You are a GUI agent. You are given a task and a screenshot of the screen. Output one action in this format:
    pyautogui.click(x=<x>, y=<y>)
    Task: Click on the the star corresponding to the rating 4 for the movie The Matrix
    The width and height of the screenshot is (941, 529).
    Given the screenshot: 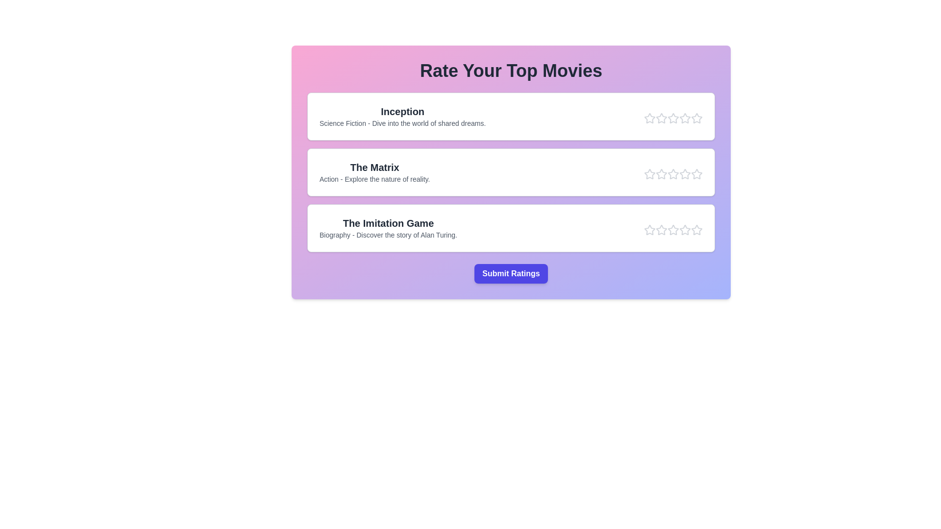 What is the action you would take?
    pyautogui.click(x=684, y=173)
    